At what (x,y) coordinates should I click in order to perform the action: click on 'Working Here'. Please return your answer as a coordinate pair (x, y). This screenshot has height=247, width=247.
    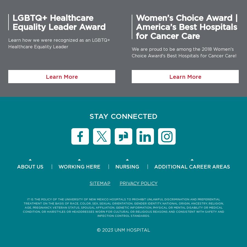
    Looking at the image, I should click on (79, 166).